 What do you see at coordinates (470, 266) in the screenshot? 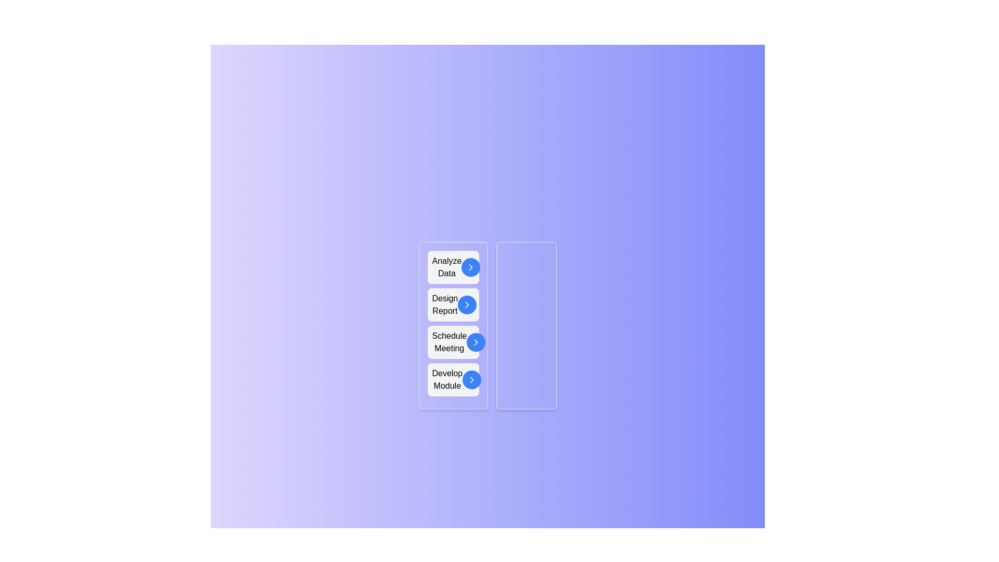
I see `arrow button next to the task 'Analyze Data' in the 'Unassigned Tasks' list` at bounding box center [470, 266].